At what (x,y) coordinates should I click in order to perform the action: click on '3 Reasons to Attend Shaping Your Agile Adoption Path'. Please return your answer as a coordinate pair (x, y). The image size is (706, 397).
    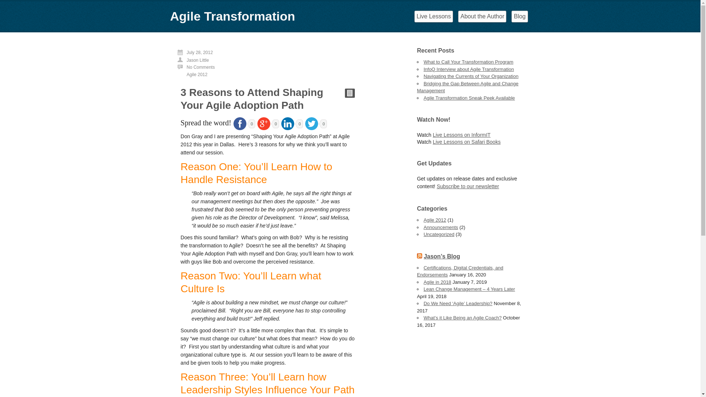
    Looking at the image, I should click on (252, 99).